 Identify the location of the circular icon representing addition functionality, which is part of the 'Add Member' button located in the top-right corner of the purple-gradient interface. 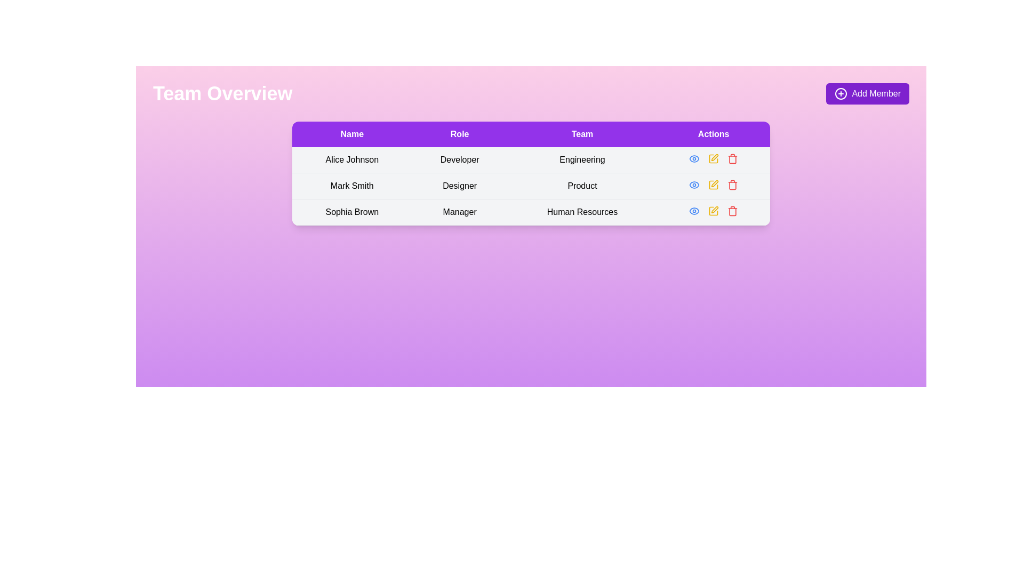
(841, 93).